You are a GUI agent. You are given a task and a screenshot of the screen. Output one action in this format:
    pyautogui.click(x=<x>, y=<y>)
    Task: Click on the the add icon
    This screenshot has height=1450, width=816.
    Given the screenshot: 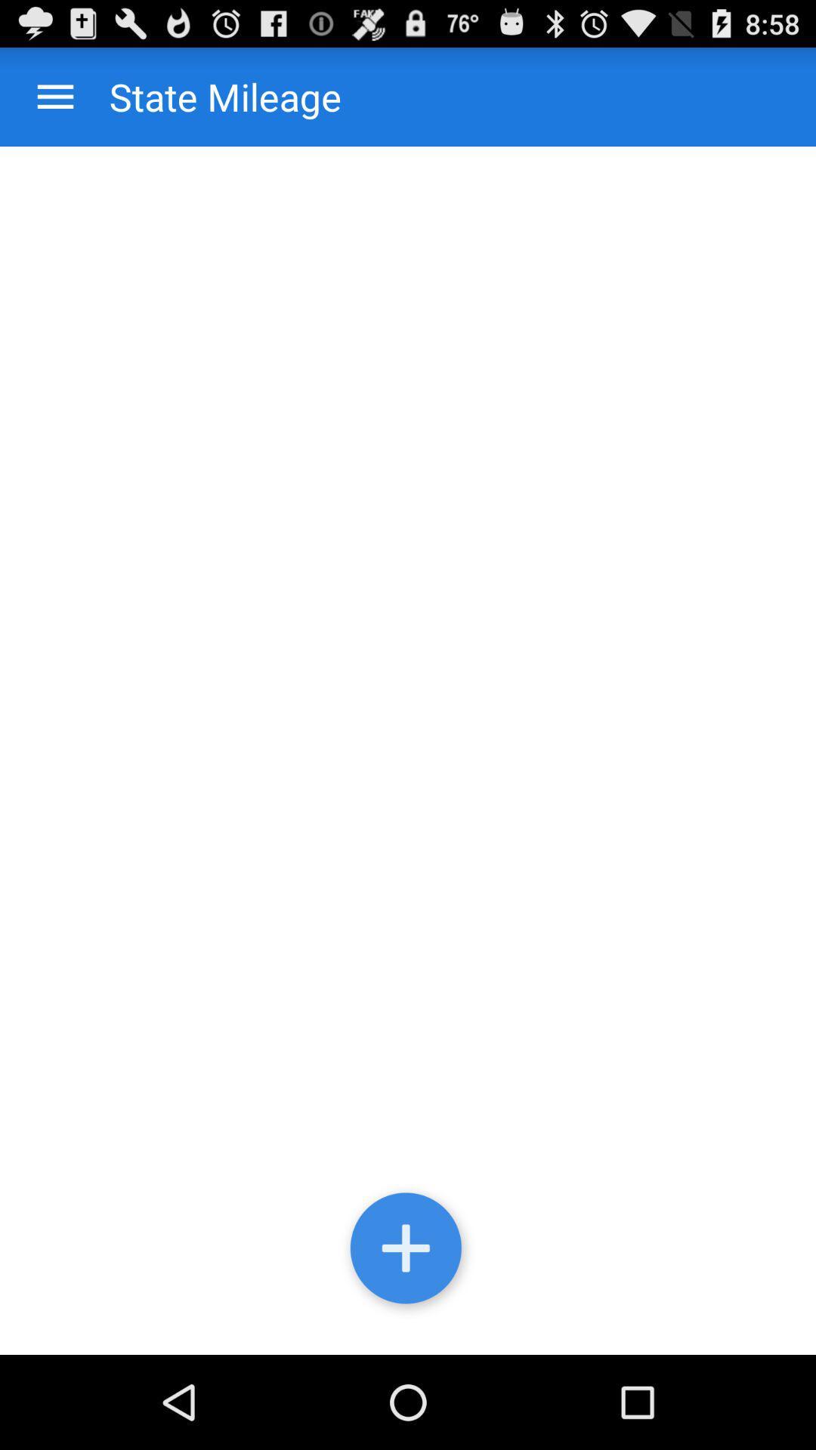 What is the action you would take?
    pyautogui.click(x=408, y=1339)
    